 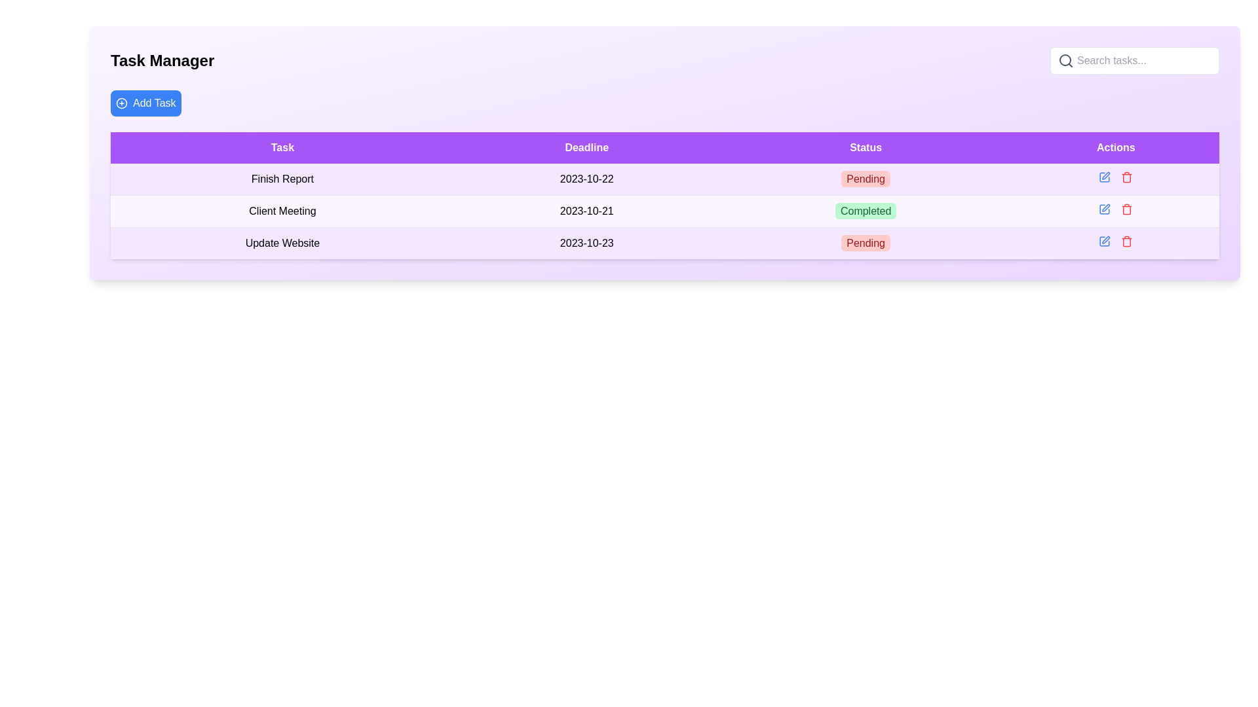 What do you see at coordinates (1105, 175) in the screenshot?
I see `the edit action button` at bounding box center [1105, 175].